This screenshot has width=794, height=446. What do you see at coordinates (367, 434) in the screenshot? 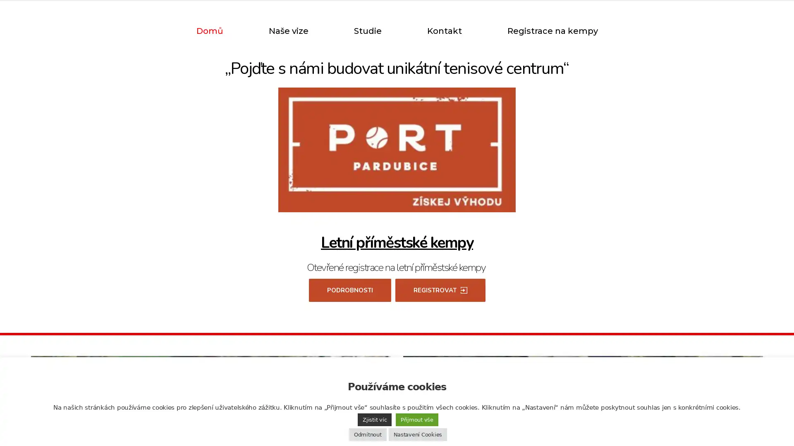
I see `Odmitnout` at bounding box center [367, 434].